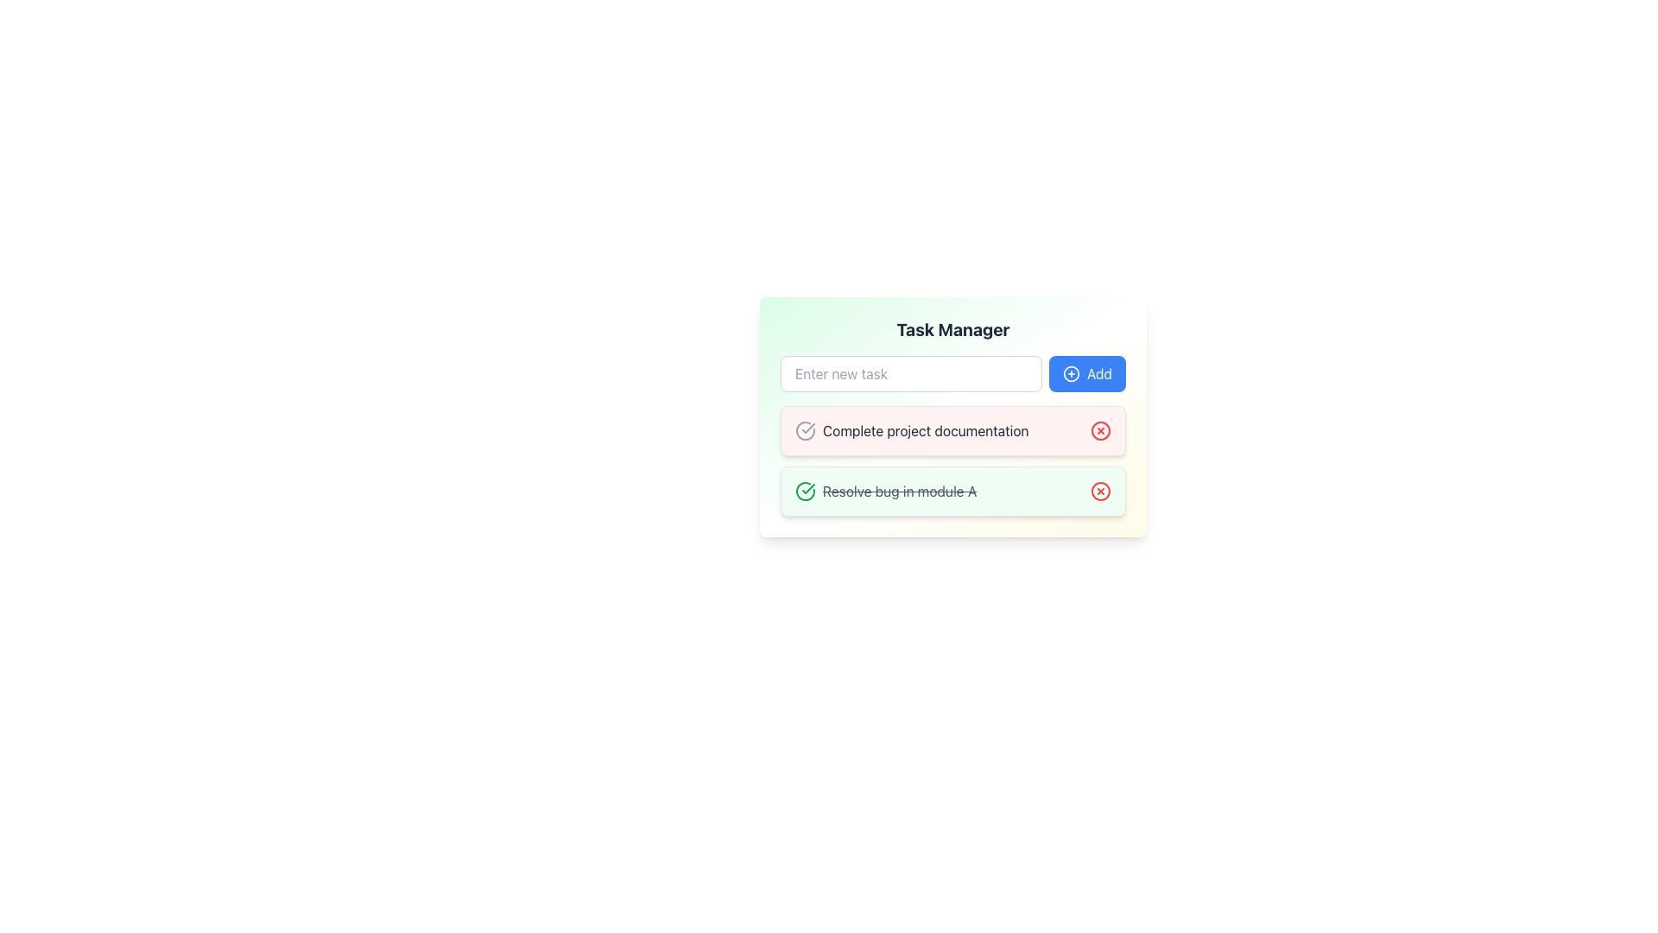 The width and height of the screenshot is (1658, 933). What do you see at coordinates (899, 492) in the screenshot?
I see `the text element that says 'Resolve bug in module A' with a strikethrough and gray color, located in the task management interface, aligned horizontally in the second listed task` at bounding box center [899, 492].